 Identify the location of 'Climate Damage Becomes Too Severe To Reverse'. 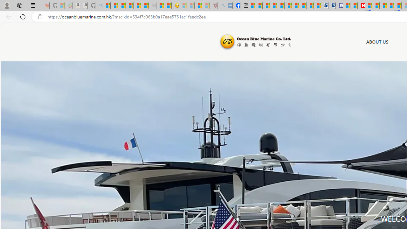
(273, 5).